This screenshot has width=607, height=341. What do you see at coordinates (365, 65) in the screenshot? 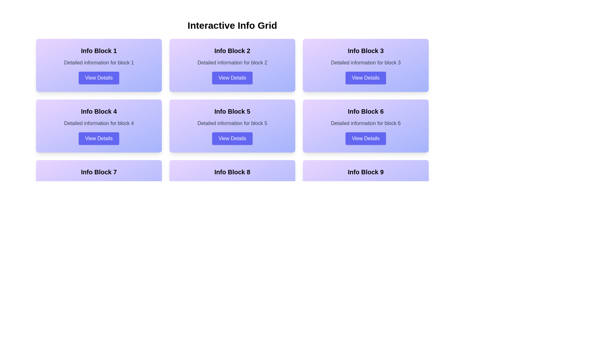
I see `the informational block with a button component located in the first row and third column of the grid to activate the hover effects for scaling` at bounding box center [365, 65].